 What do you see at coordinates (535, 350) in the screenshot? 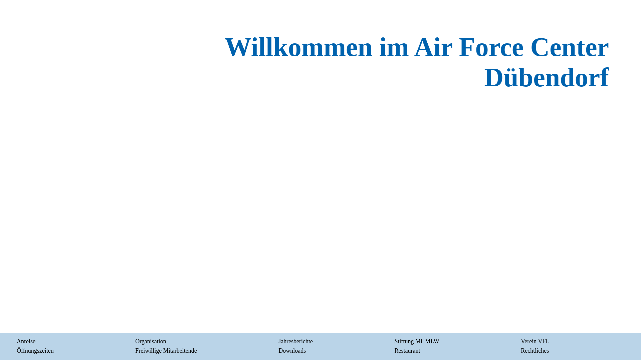
I see `'Rechtliches'` at bounding box center [535, 350].